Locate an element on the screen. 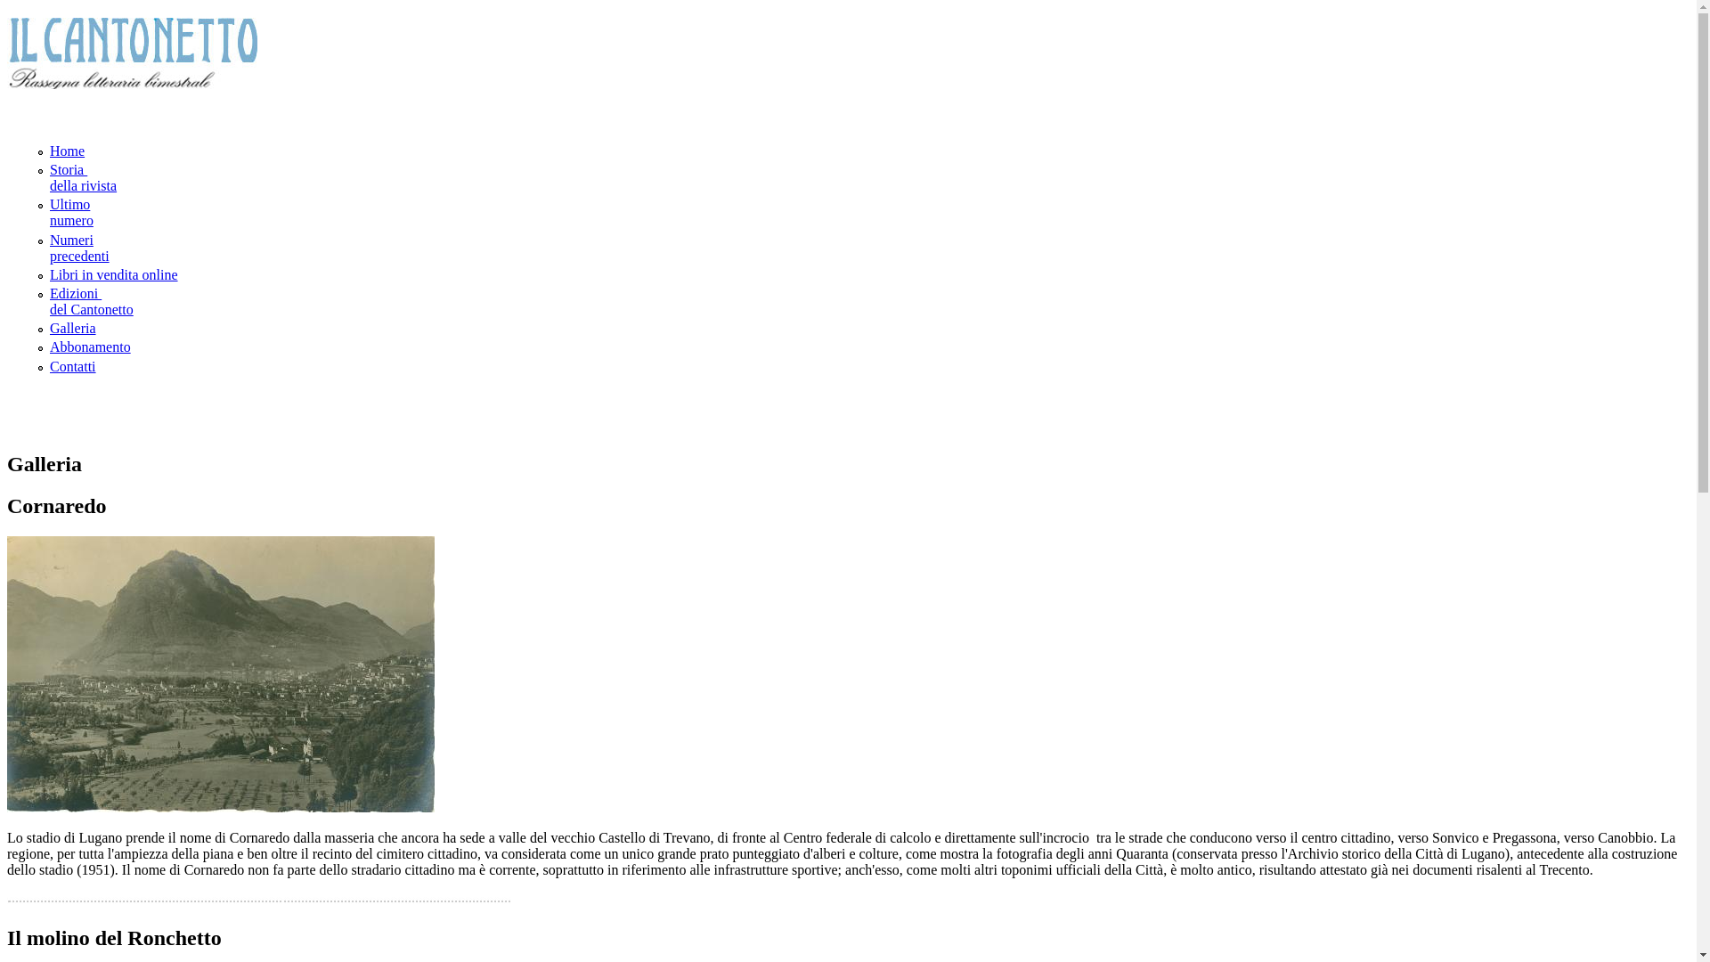 The image size is (1710, 962). 'Libri in vendita online' is located at coordinates (113, 274).